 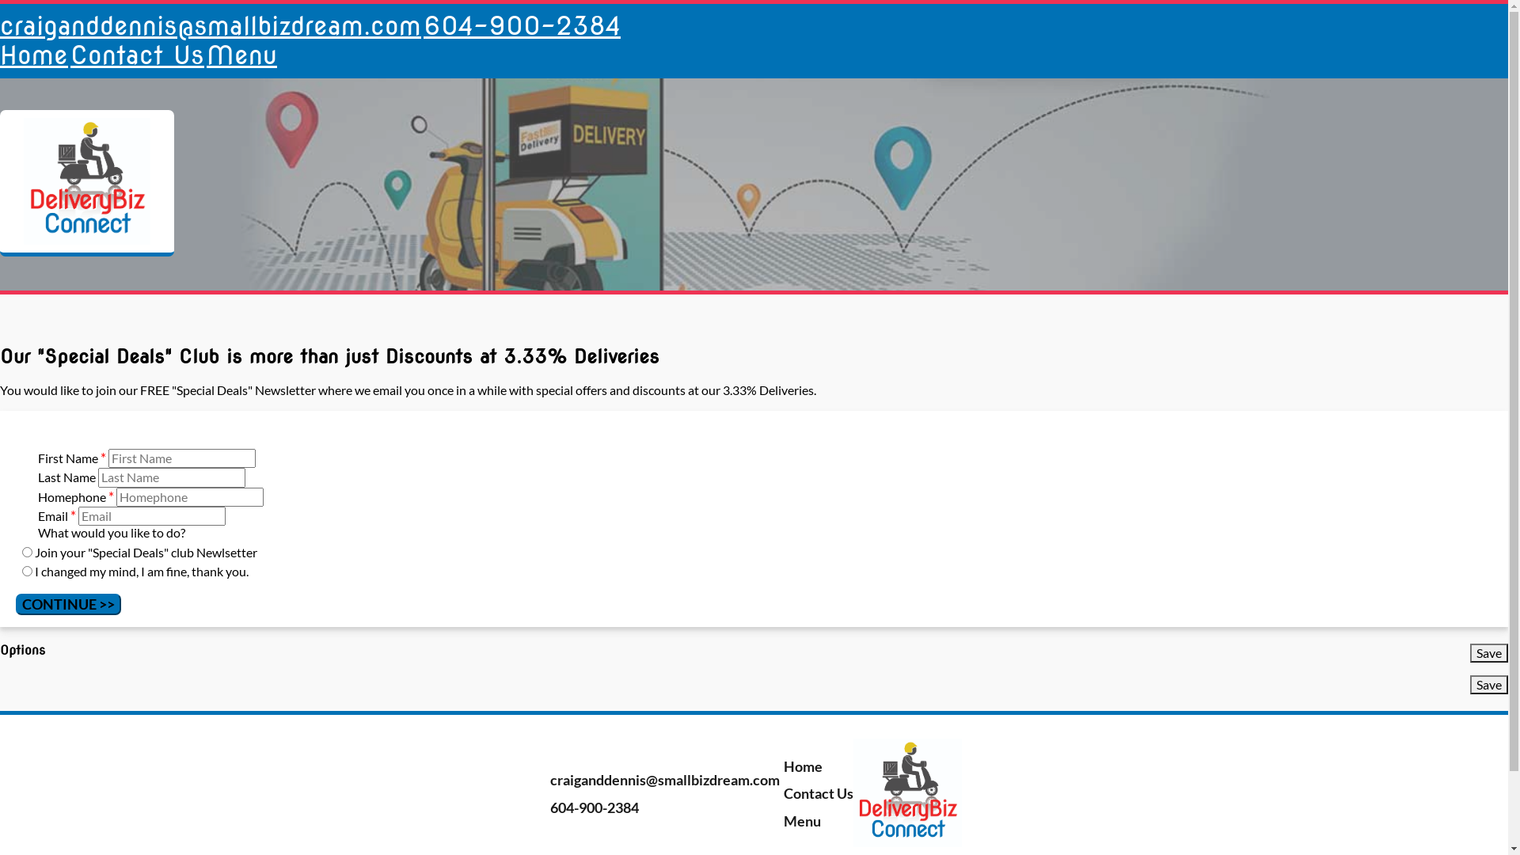 What do you see at coordinates (209, 25) in the screenshot?
I see `'craiganddennis@smallbizdream.com'` at bounding box center [209, 25].